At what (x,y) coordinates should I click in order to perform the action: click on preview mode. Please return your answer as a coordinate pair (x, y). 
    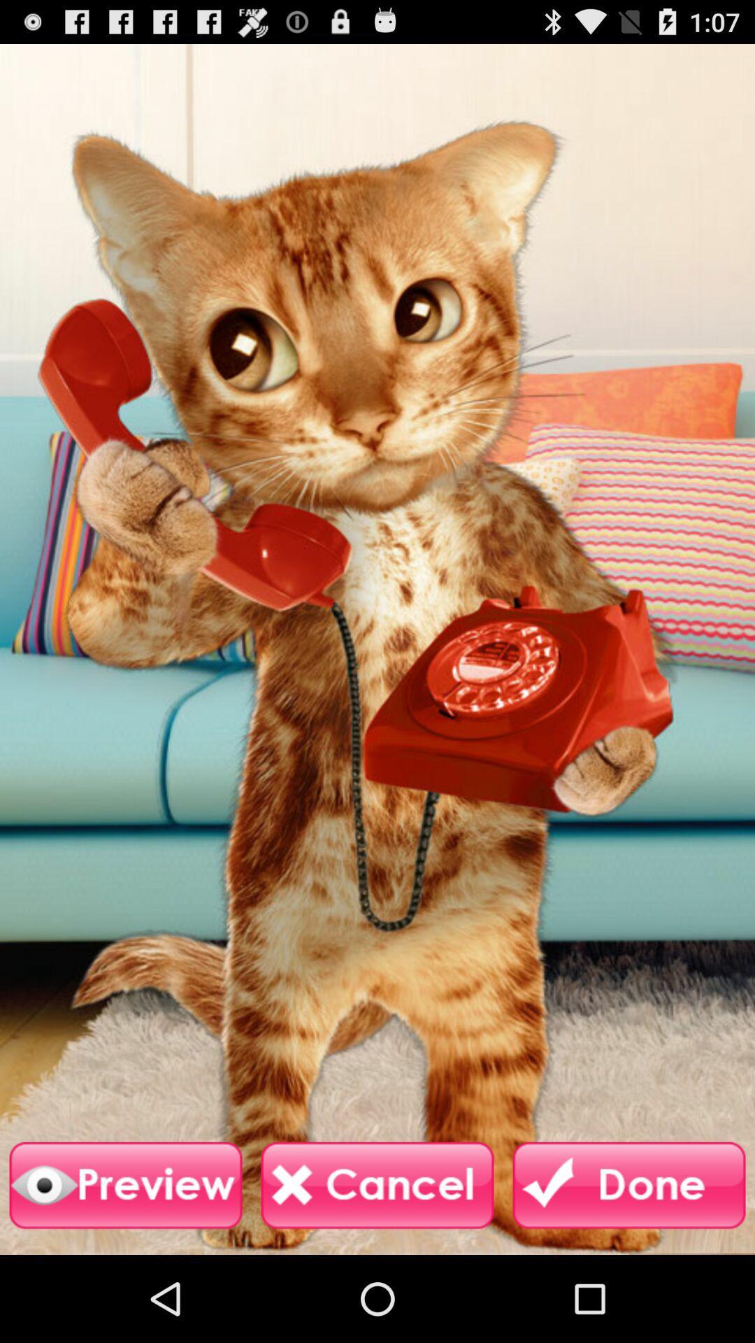
    Looking at the image, I should click on (126, 1185).